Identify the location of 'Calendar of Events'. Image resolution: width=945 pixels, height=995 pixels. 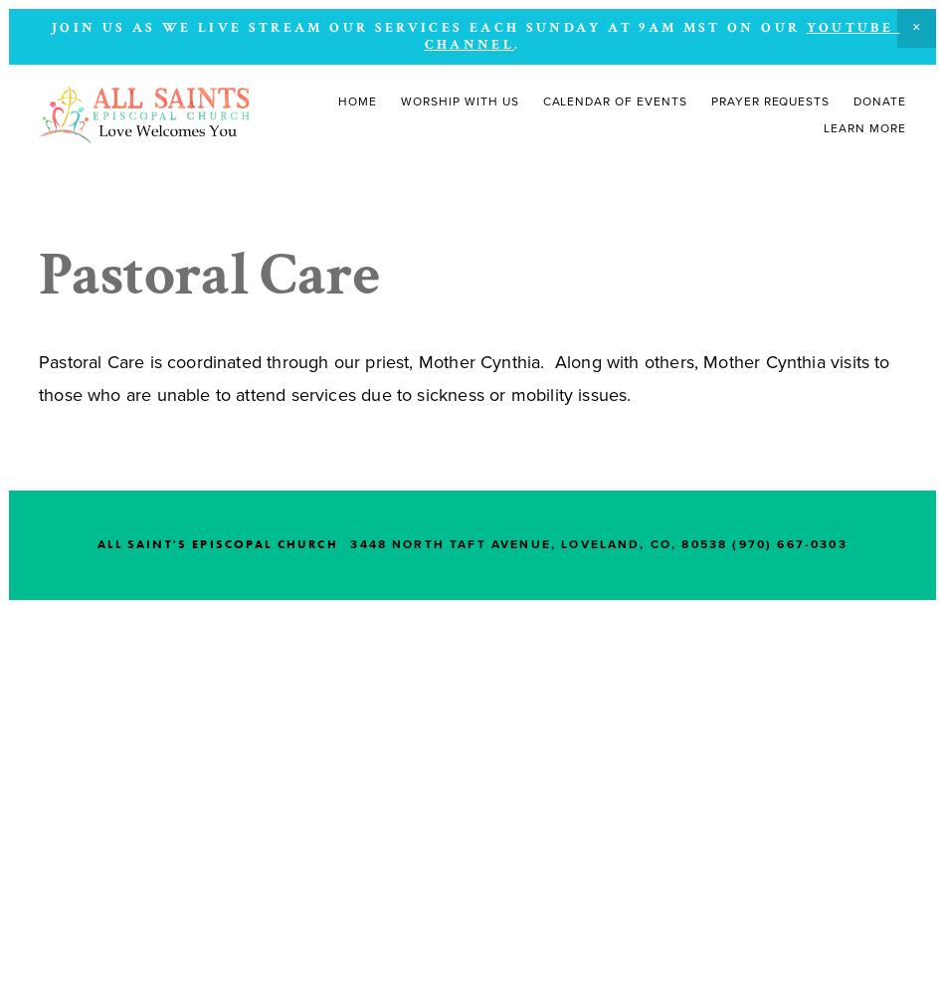
(614, 100).